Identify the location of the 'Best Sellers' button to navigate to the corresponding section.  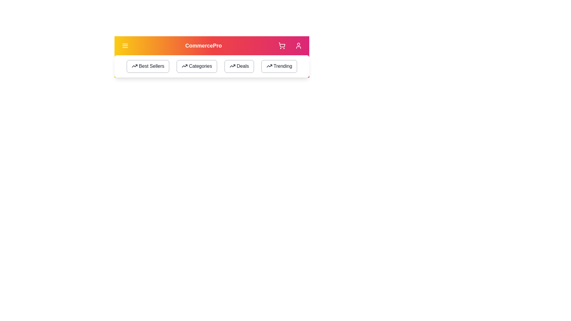
(148, 66).